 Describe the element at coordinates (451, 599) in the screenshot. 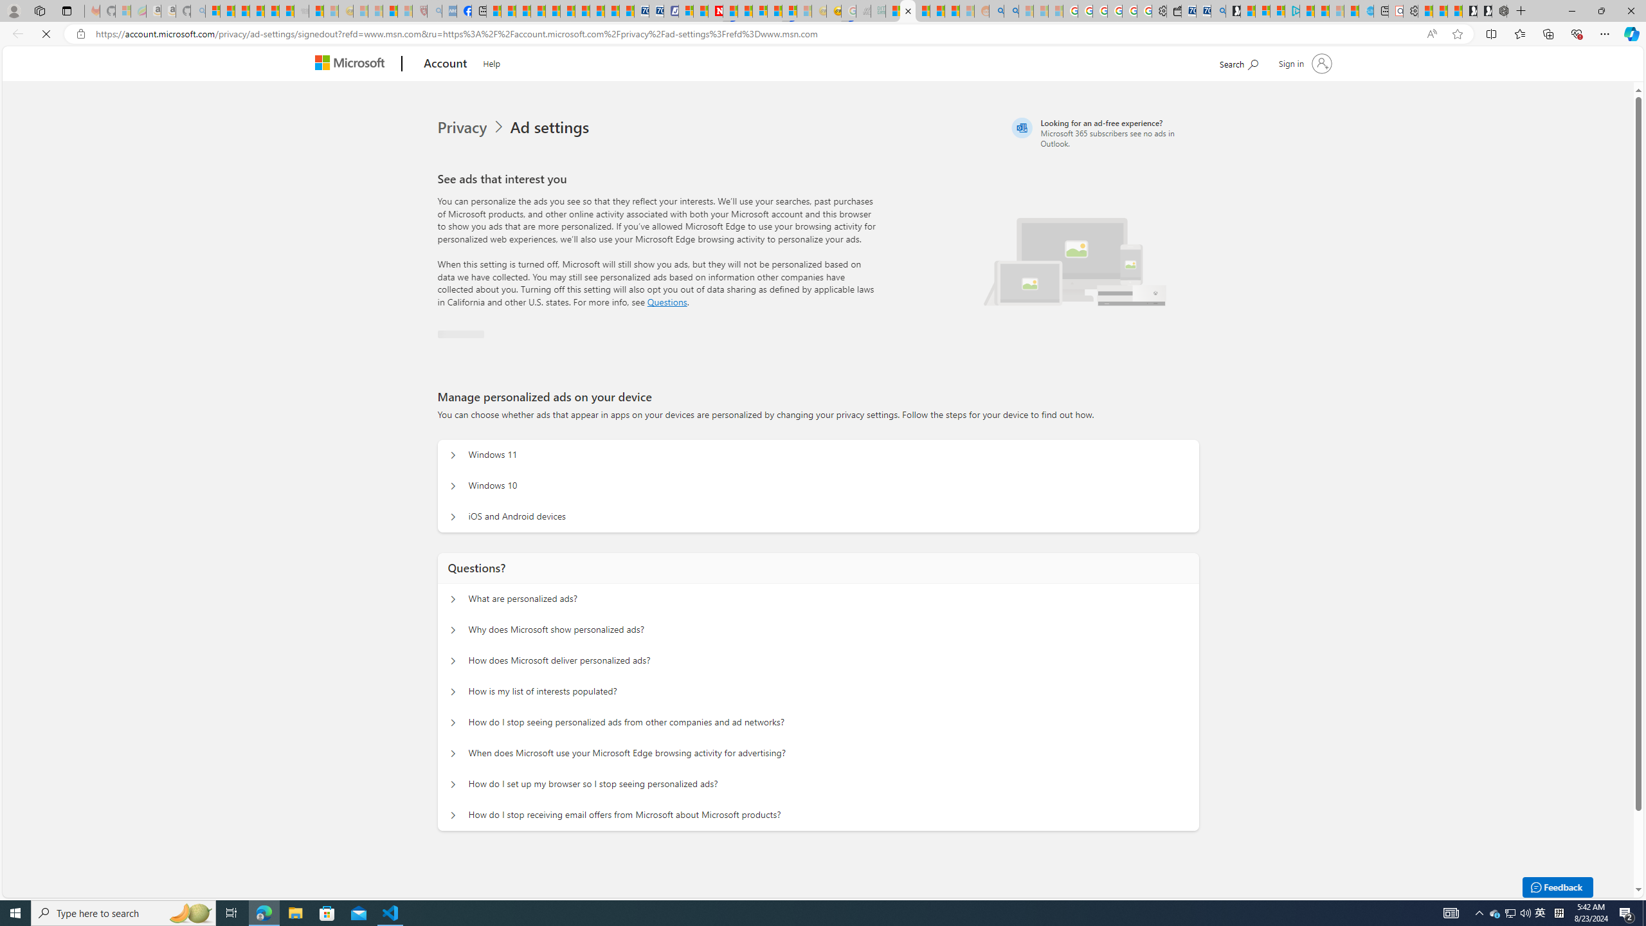

I see `'Questions? What are personalized ads?'` at that location.